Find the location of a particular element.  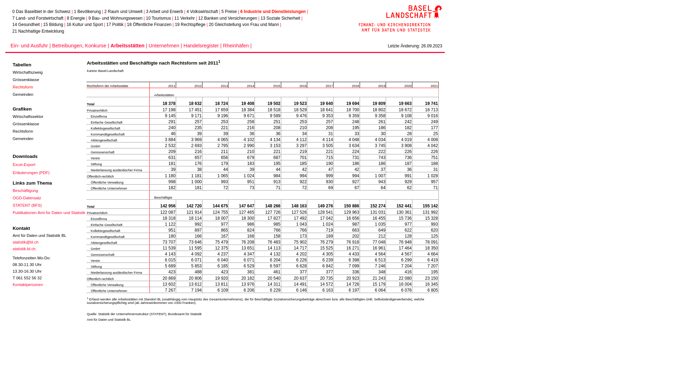

'Kontaktpersonen' is located at coordinates (27, 284).